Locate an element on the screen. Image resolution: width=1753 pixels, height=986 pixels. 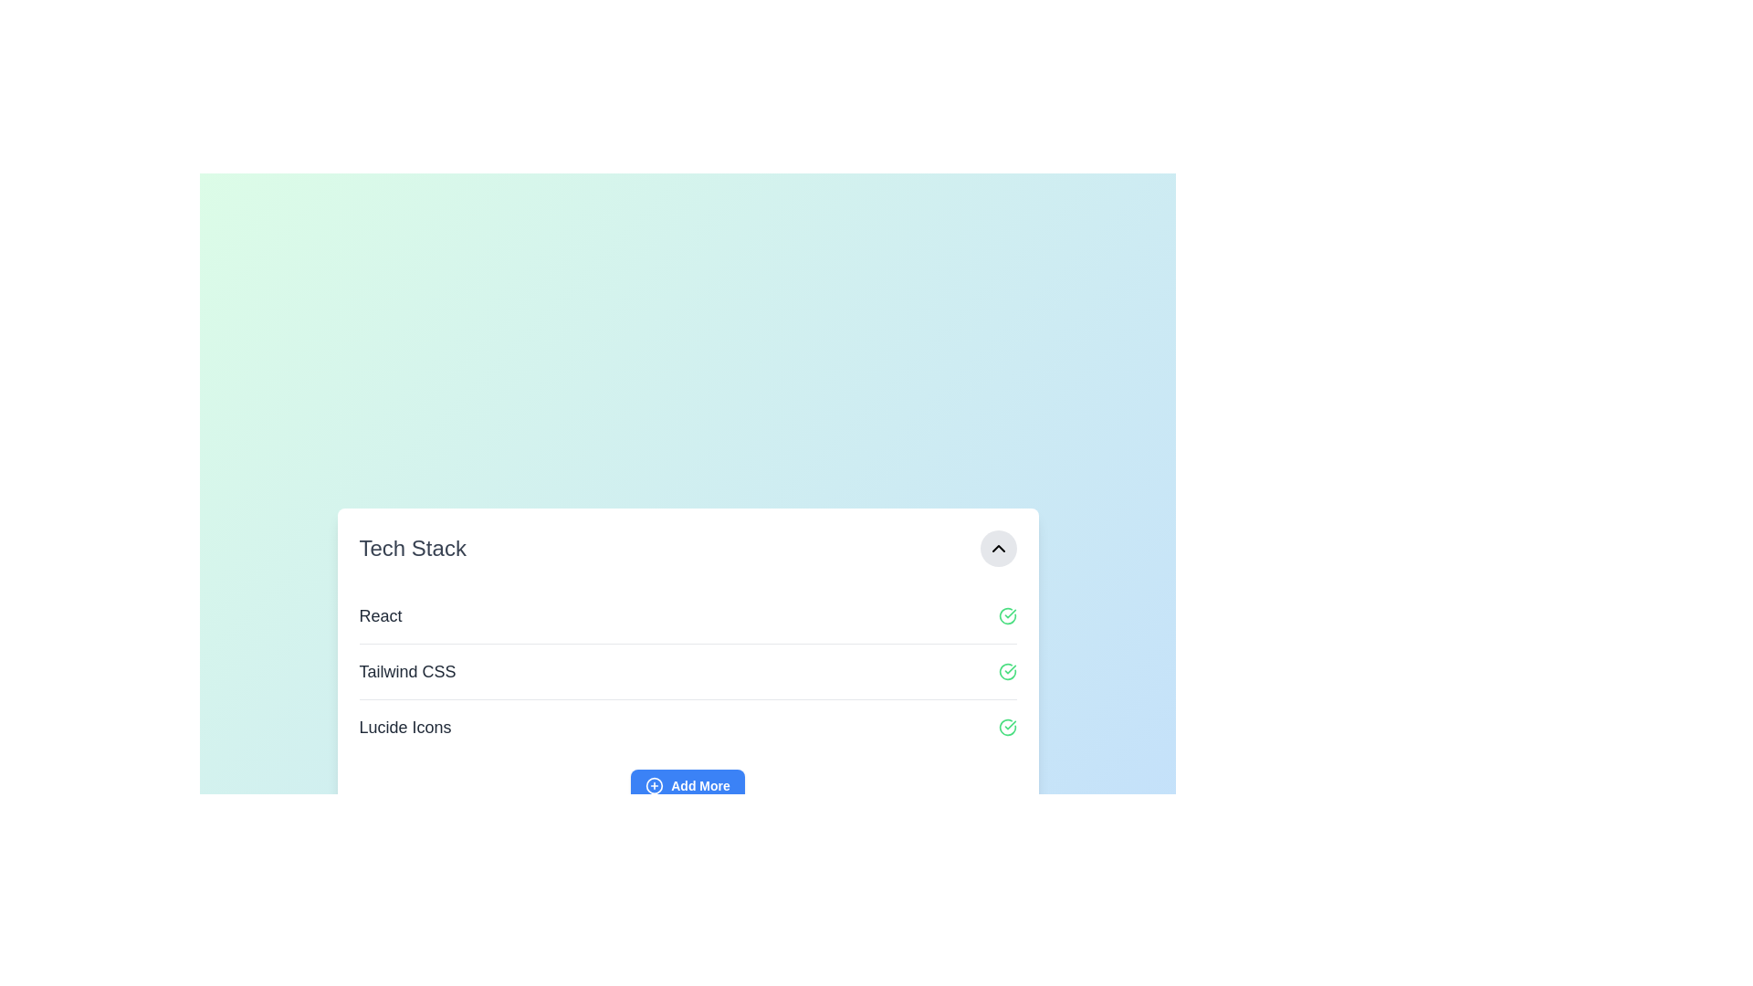
the SVG circle element that forms the '+' sign, which is located at the center of the button for adding items near the bottom center of the visible card interface is located at coordinates (655, 784).